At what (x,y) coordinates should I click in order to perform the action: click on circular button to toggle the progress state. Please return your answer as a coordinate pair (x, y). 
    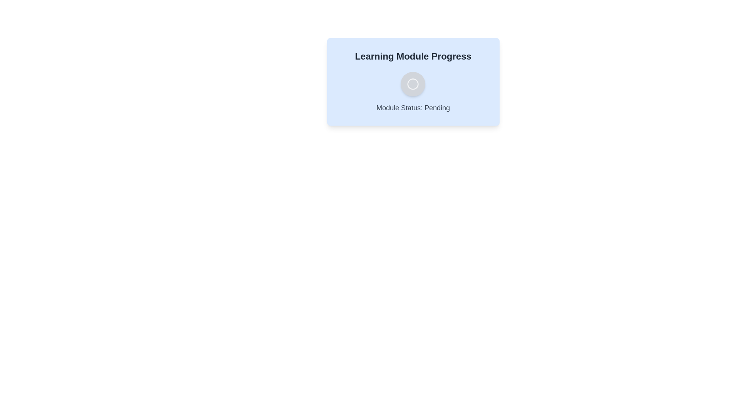
    Looking at the image, I should click on (413, 84).